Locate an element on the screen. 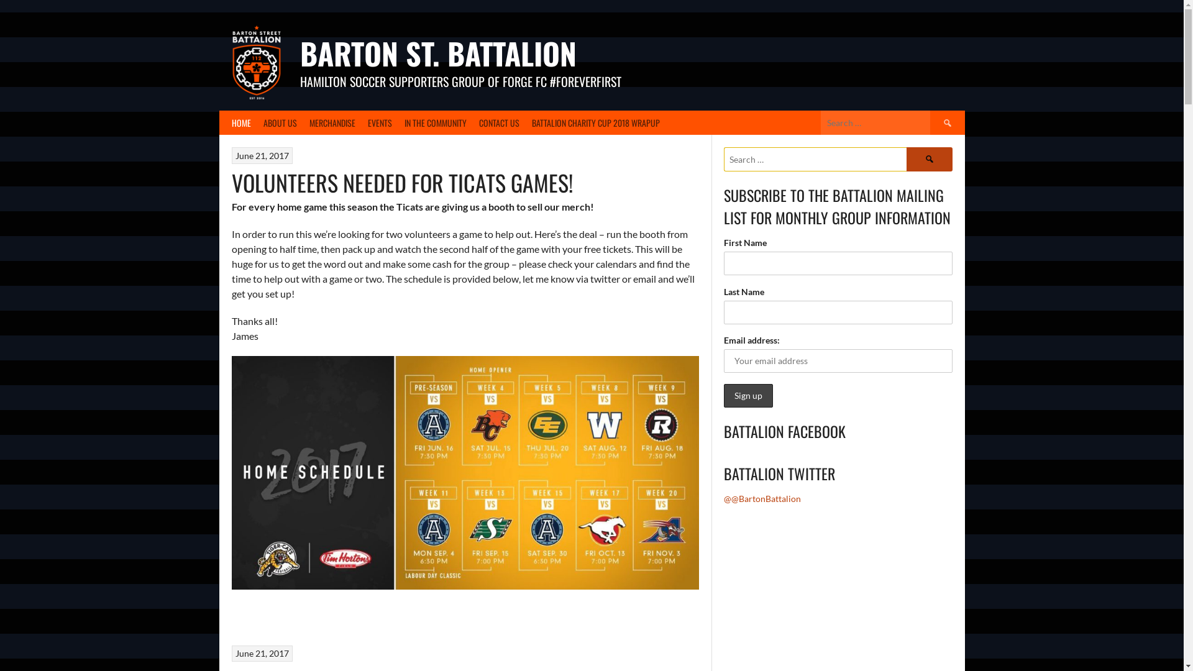 The width and height of the screenshot is (1193, 671). 'ABOUT US' is located at coordinates (280, 122).